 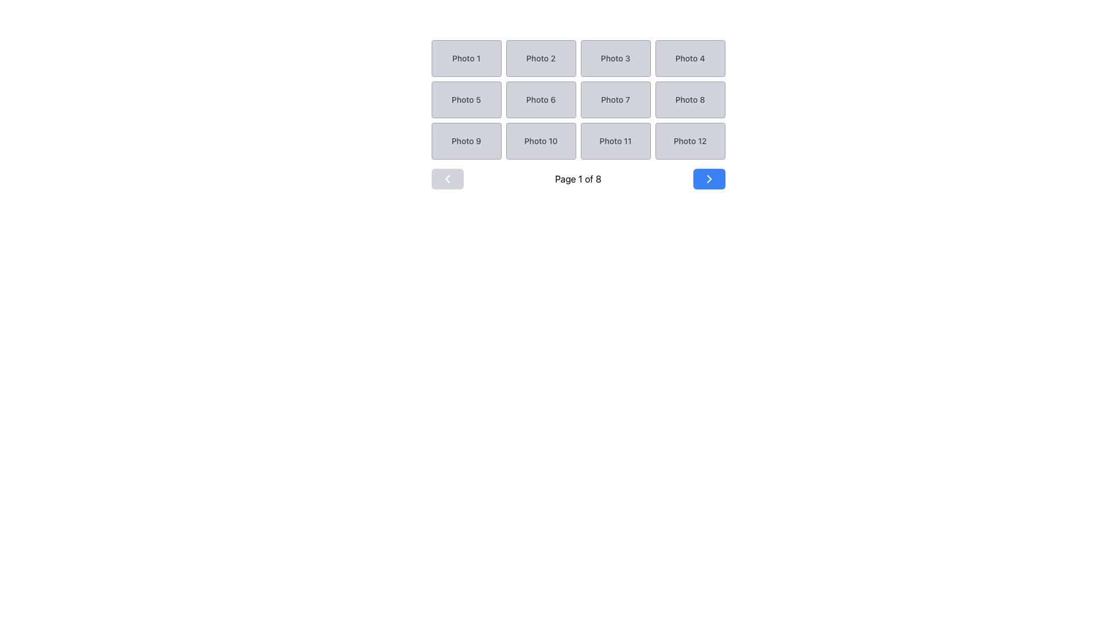 What do you see at coordinates (708, 179) in the screenshot?
I see `the rightward-pointing chevron icon with a light-colored outline on a blue background located at the bottom right corner of the layout` at bounding box center [708, 179].